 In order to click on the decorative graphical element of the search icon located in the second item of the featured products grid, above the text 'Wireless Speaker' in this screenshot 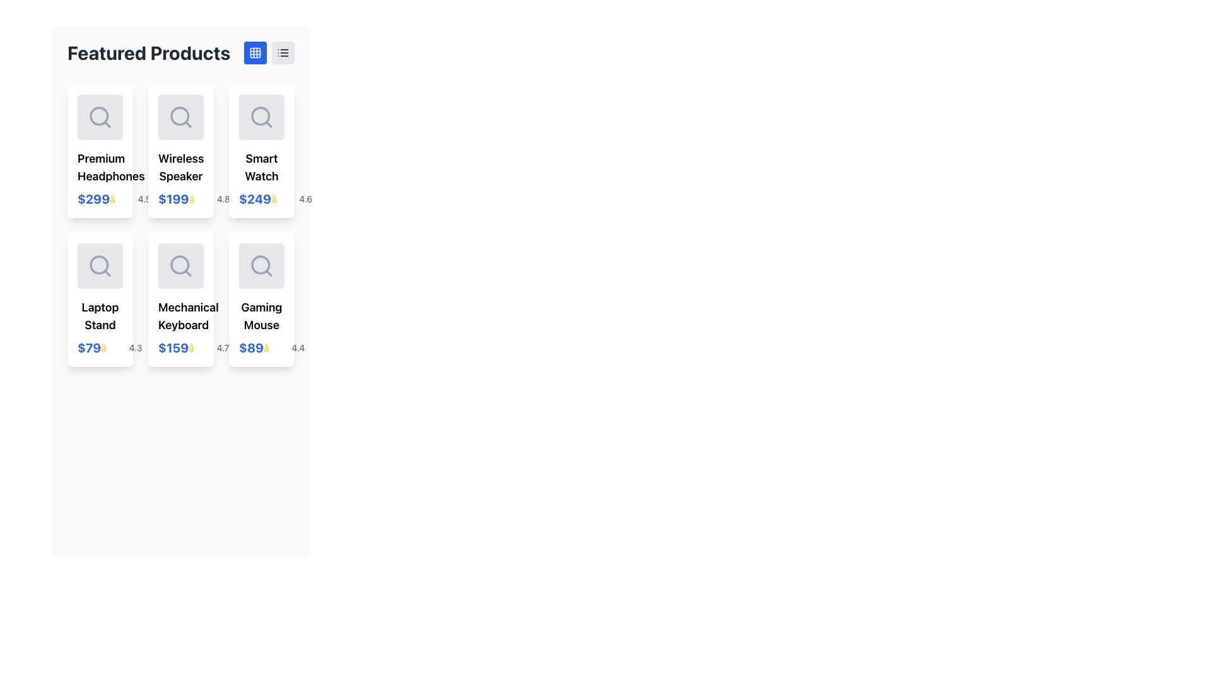, I will do `click(179, 116)`.